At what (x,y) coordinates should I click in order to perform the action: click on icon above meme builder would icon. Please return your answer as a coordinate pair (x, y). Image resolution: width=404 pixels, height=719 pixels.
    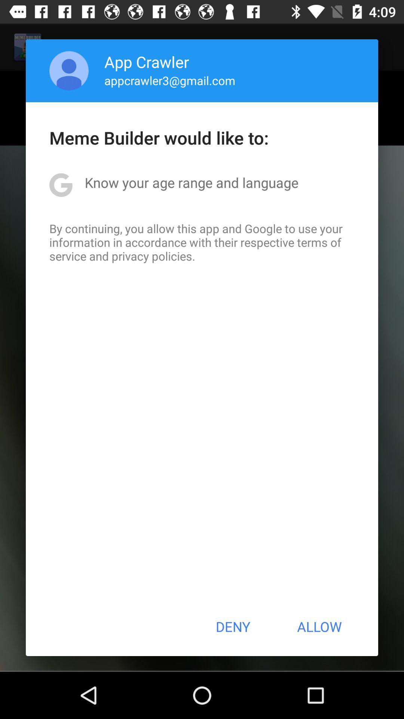
    Looking at the image, I should click on (69, 70).